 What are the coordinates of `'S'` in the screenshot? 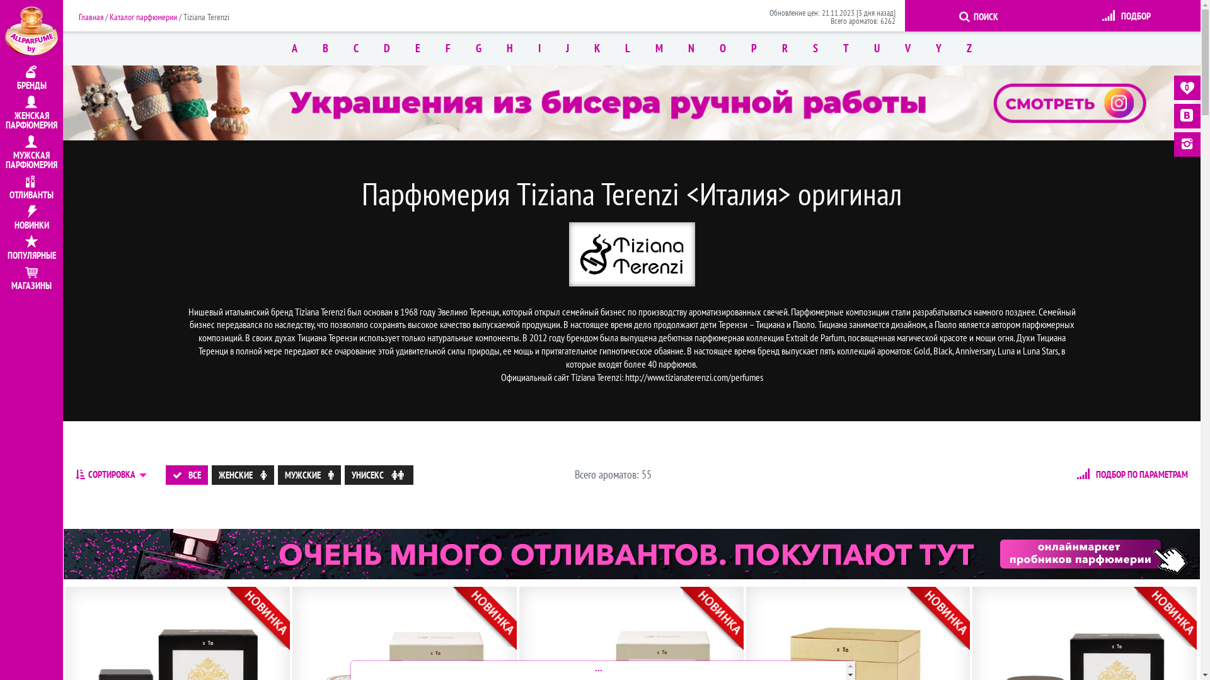 It's located at (800, 48).